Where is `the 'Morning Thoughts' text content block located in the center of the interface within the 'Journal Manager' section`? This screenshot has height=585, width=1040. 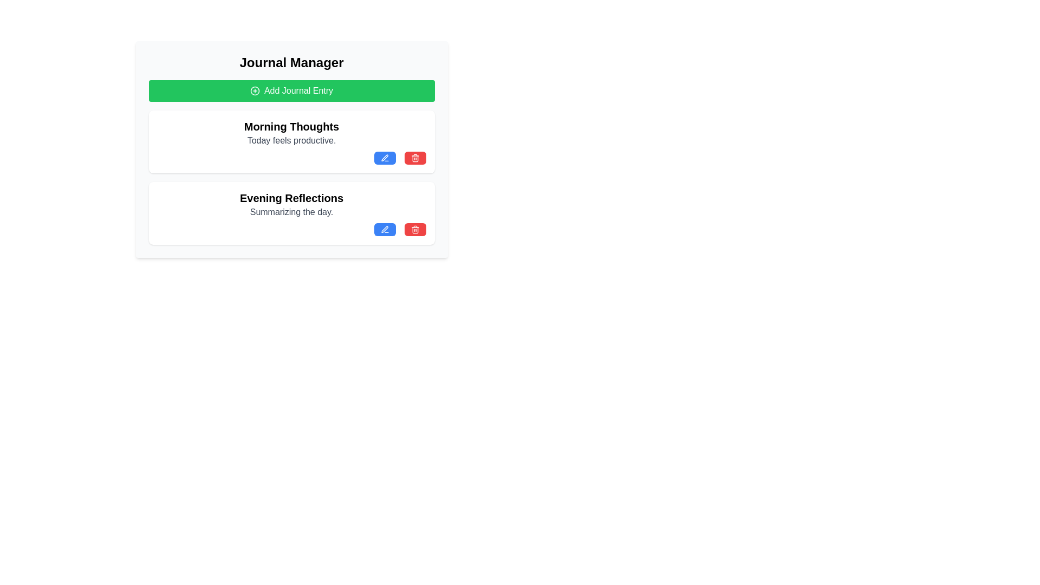 the 'Morning Thoughts' text content block located in the center of the interface within the 'Journal Manager' section is located at coordinates (291, 133).